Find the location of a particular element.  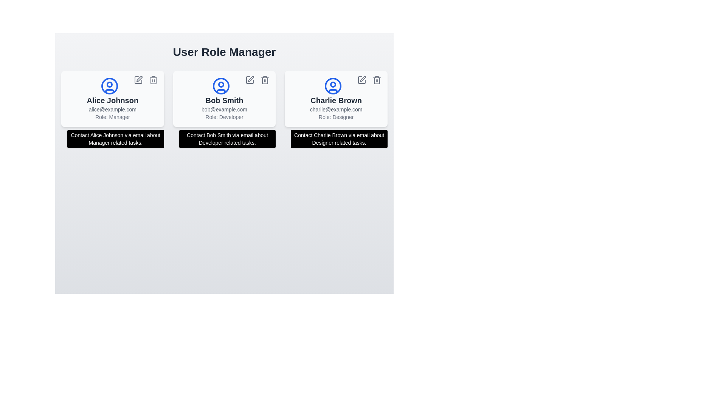

the outermost circle of the user icon representing Charlie Brown in the profile card is located at coordinates (333, 85).